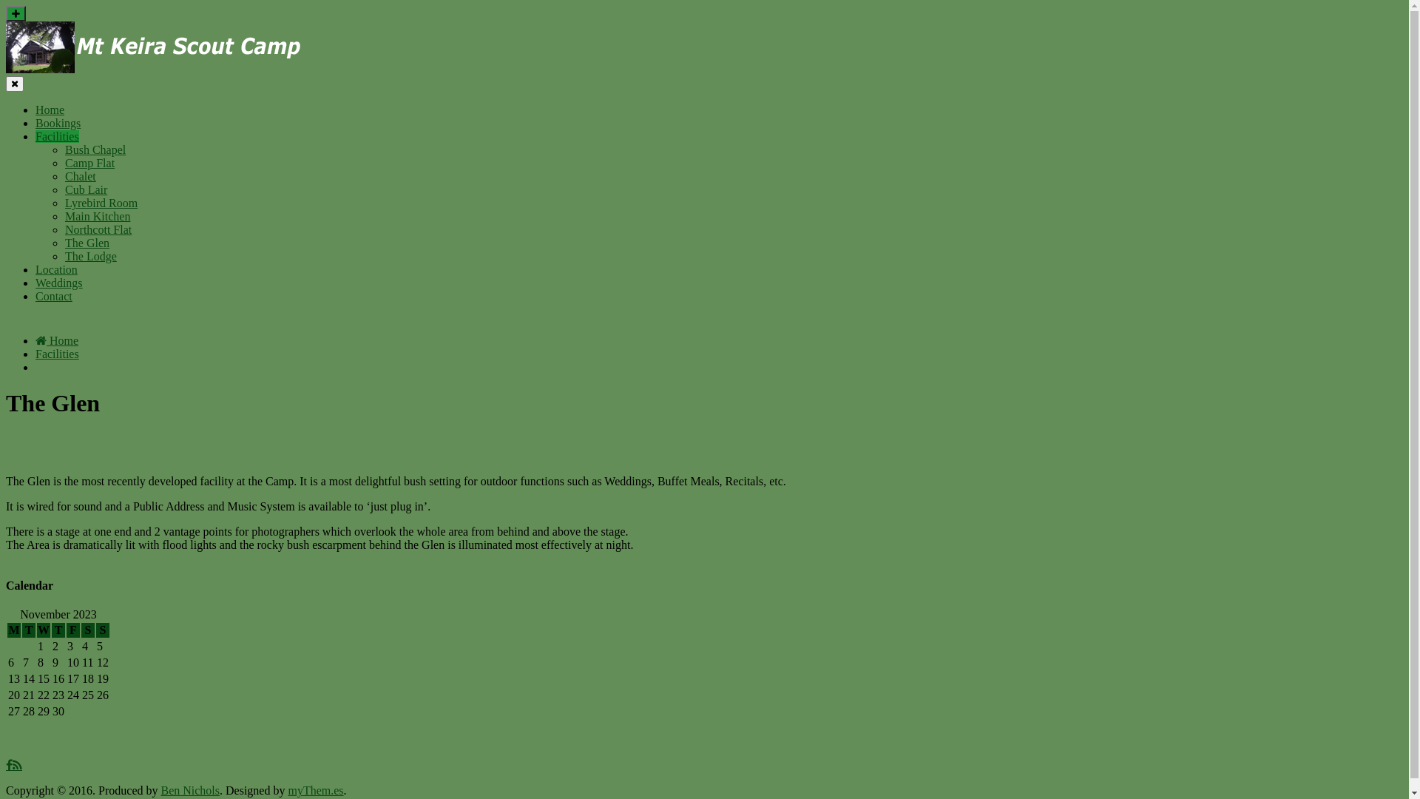 This screenshot has height=799, width=1420. Describe the element at coordinates (80, 175) in the screenshot. I see `'Chalet'` at that location.